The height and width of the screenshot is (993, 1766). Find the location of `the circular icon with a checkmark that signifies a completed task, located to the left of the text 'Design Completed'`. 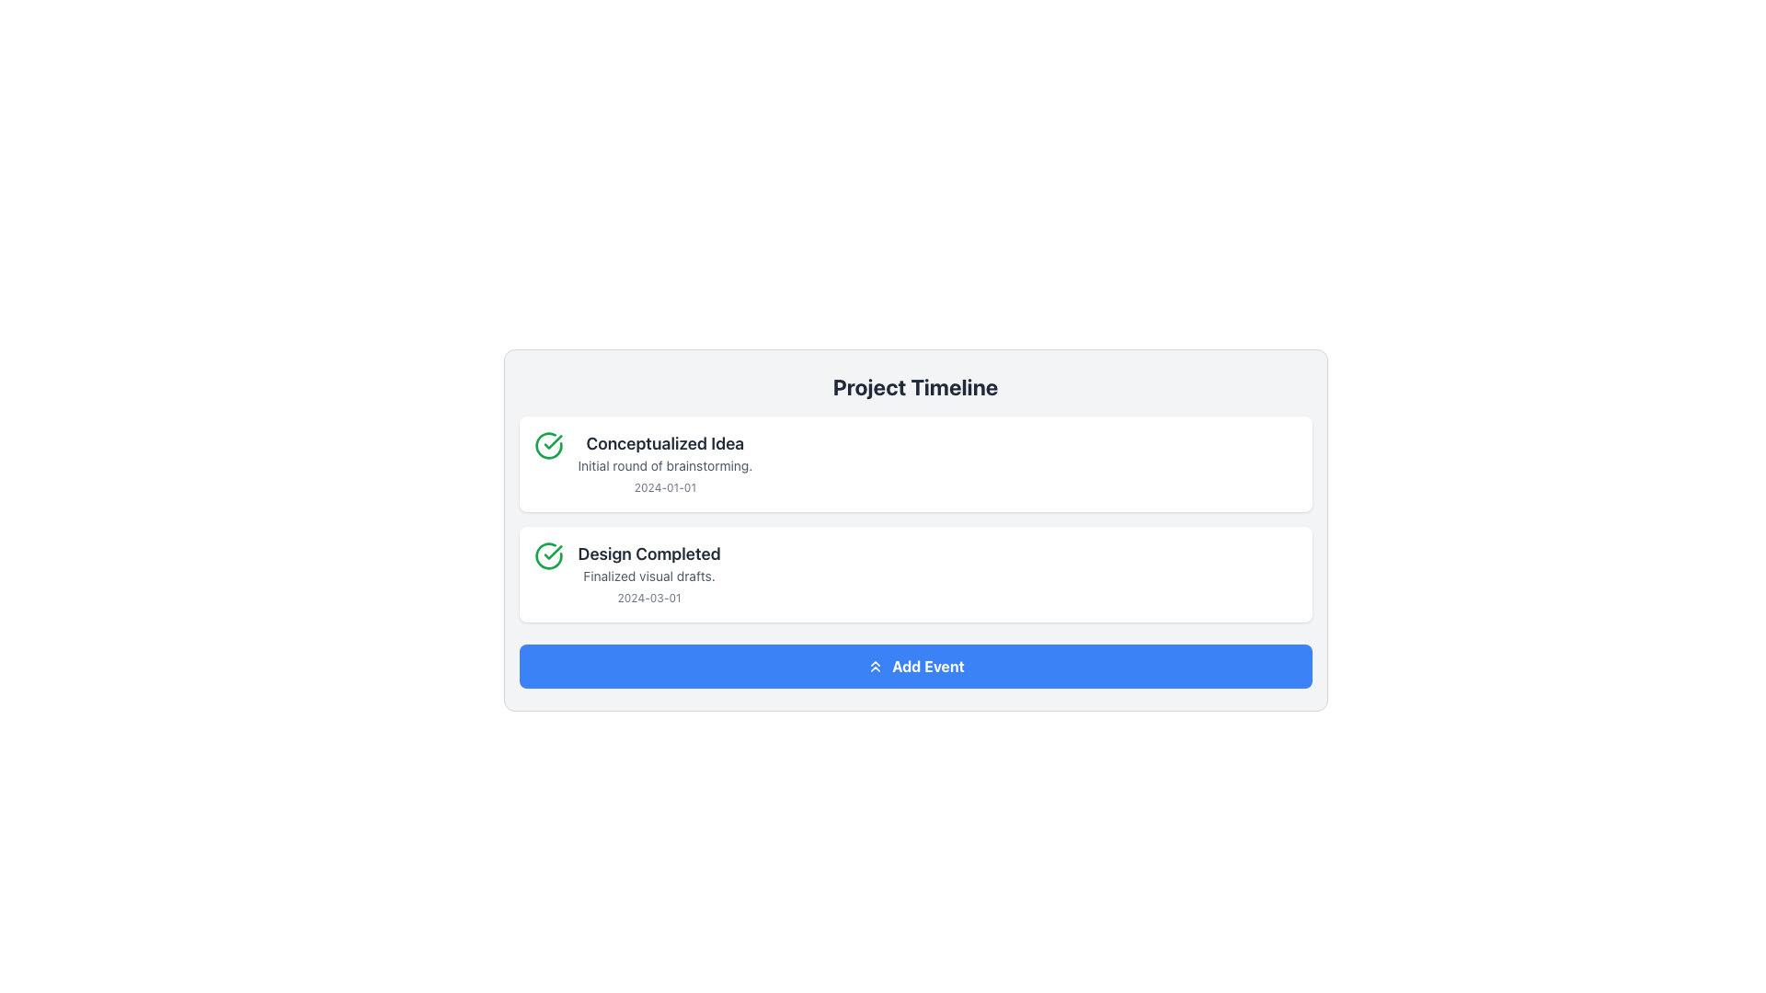

the circular icon with a checkmark that signifies a completed task, located to the left of the text 'Design Completed' is located at coordinates (552, 442).